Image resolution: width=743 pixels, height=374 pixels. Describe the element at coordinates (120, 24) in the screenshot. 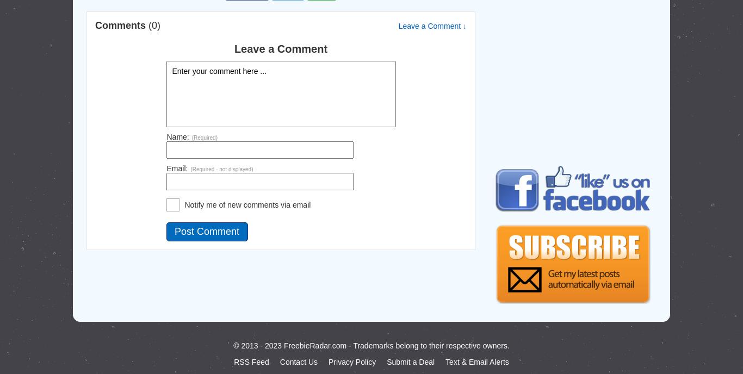

I see `'Comments'` at that location.